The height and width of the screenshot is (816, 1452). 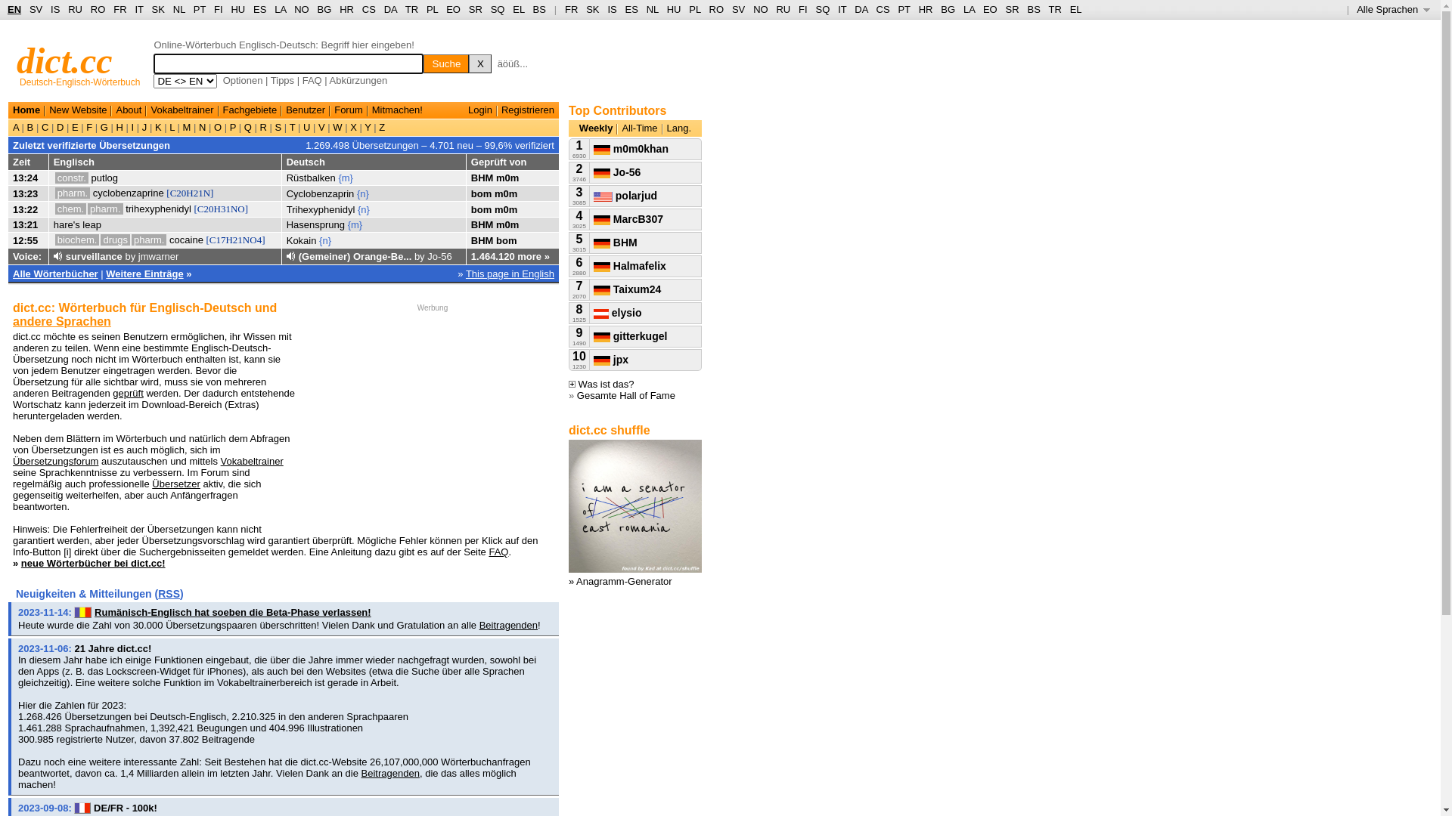 I want to click on 'Fachgebiete', so click(x=250, y=109).